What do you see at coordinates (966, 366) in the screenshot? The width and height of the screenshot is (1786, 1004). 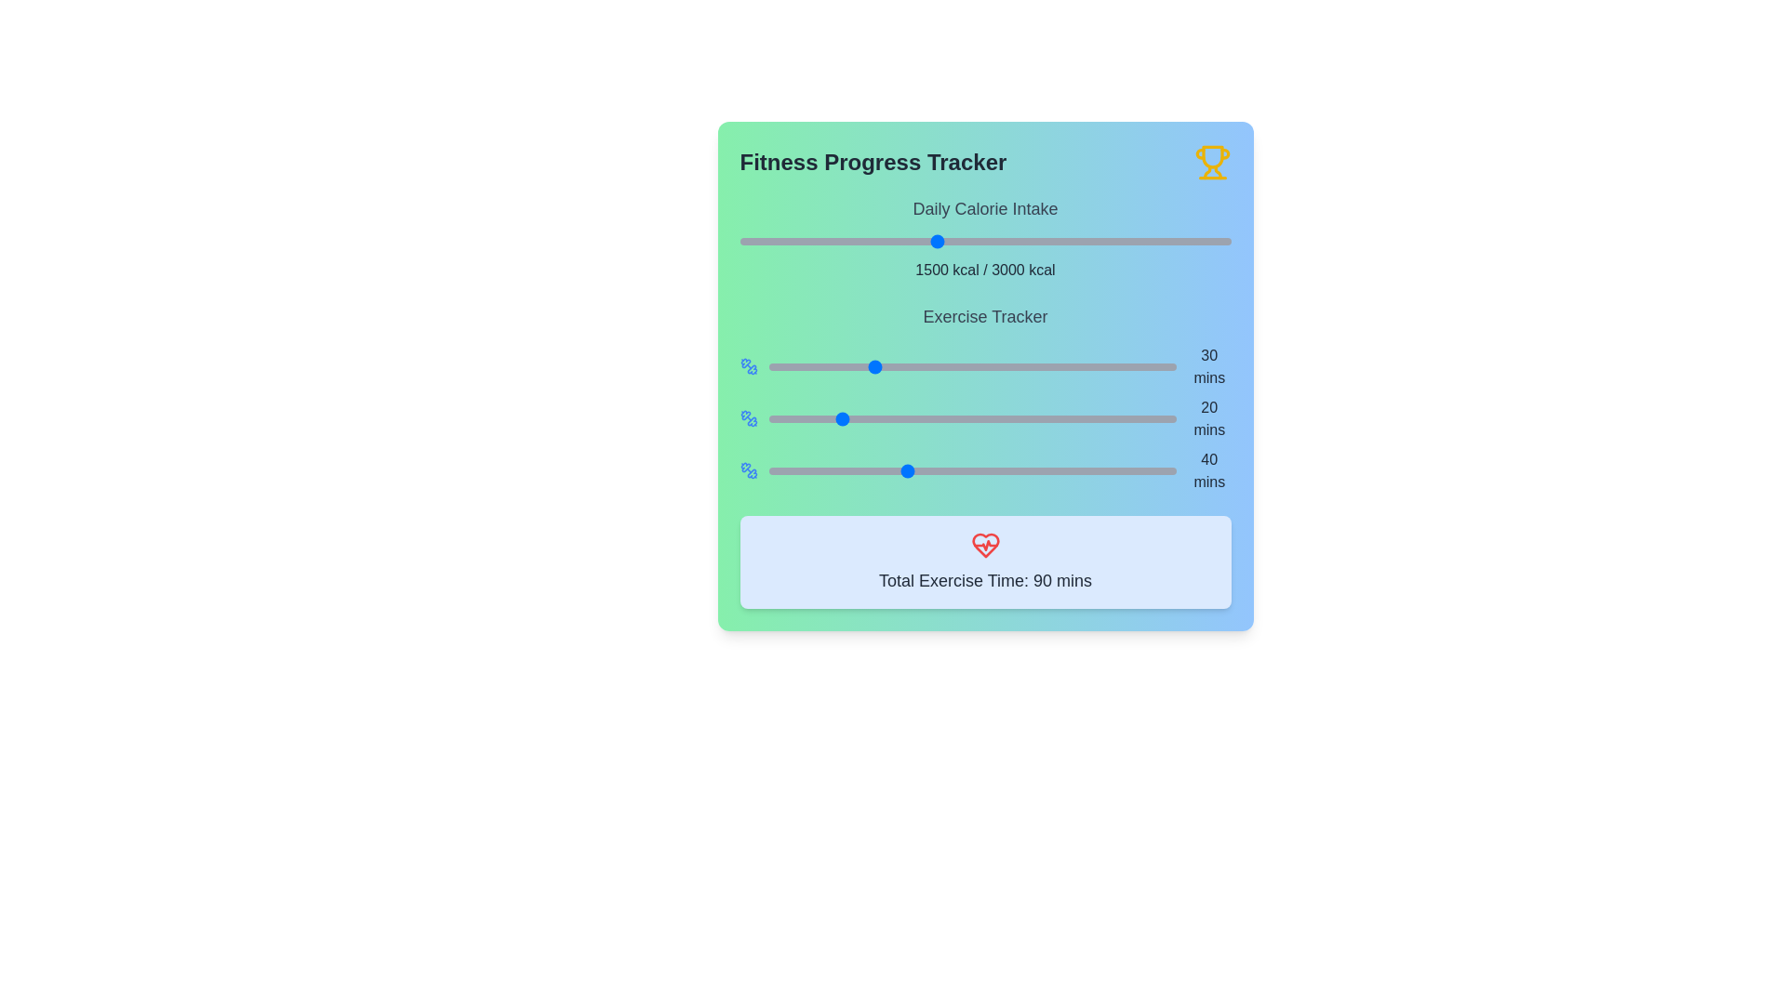 I see `the exercise time` at bounding box center [966, 366].